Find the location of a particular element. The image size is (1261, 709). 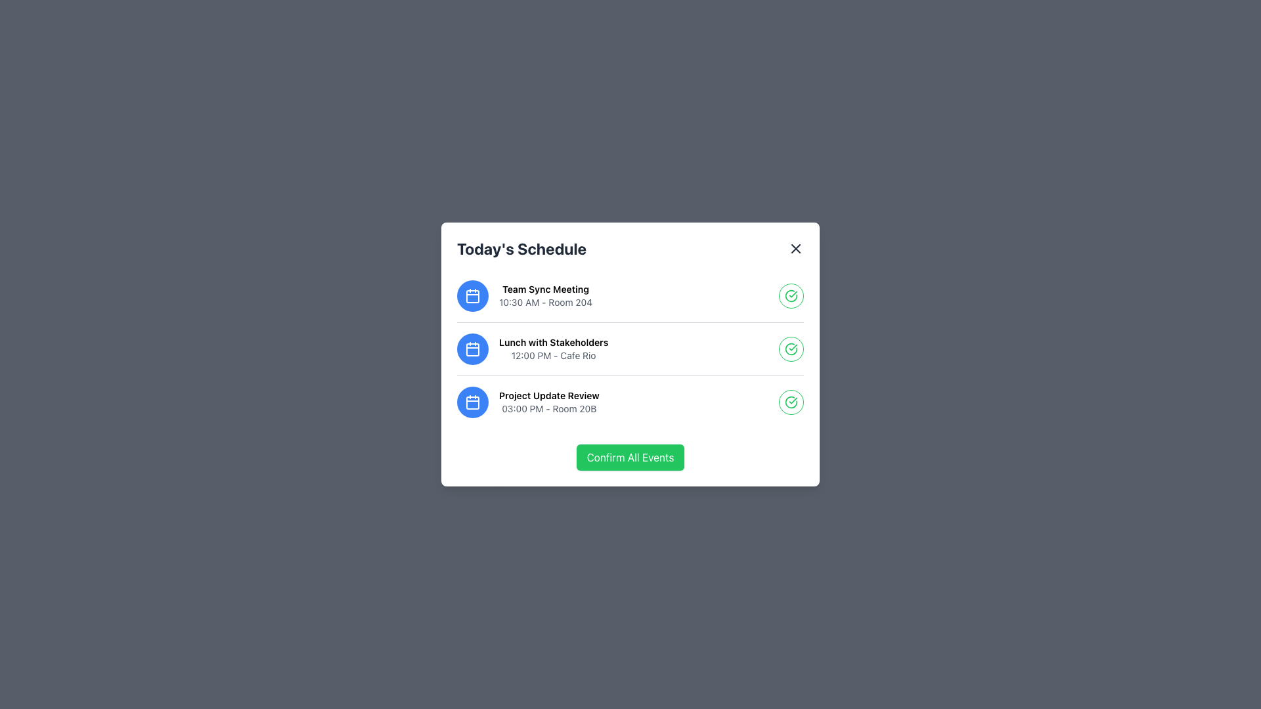

the confirmation button associated with the 'Team Sync Meeting 10:30 AM - Room 204' to observe the hover effect is located at coordinates (790, 296).